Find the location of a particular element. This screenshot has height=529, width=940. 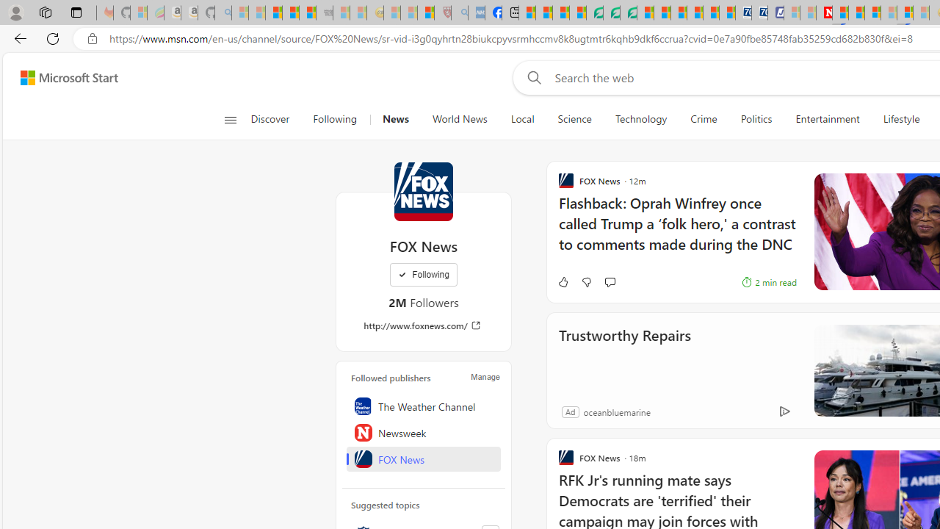

'Newsweek' is located at coordinates (423, 431).